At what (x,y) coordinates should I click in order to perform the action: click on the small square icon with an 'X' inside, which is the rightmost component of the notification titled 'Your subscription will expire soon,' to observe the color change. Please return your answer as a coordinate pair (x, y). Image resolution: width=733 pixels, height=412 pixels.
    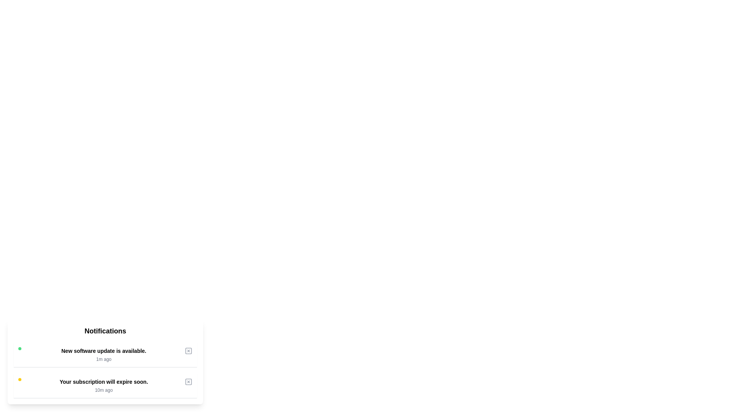
    Looking at the image, I should click on (189, 382).